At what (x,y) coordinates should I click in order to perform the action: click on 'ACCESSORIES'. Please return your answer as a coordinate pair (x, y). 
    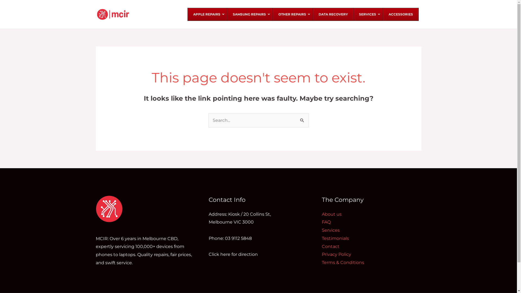
    Looking at the image, I should click on (400, 14).